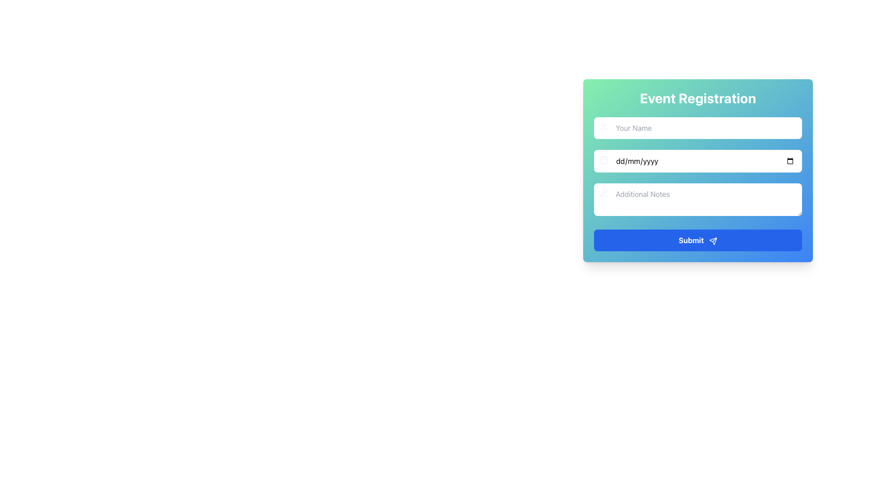  What do you see at coordinates (713, 240) in the screenshot?
I see `the paper plane icon located at the right end of the 'Submit' button, which is styled in white lines with a transparent fill` at bounding box center [713, 240].